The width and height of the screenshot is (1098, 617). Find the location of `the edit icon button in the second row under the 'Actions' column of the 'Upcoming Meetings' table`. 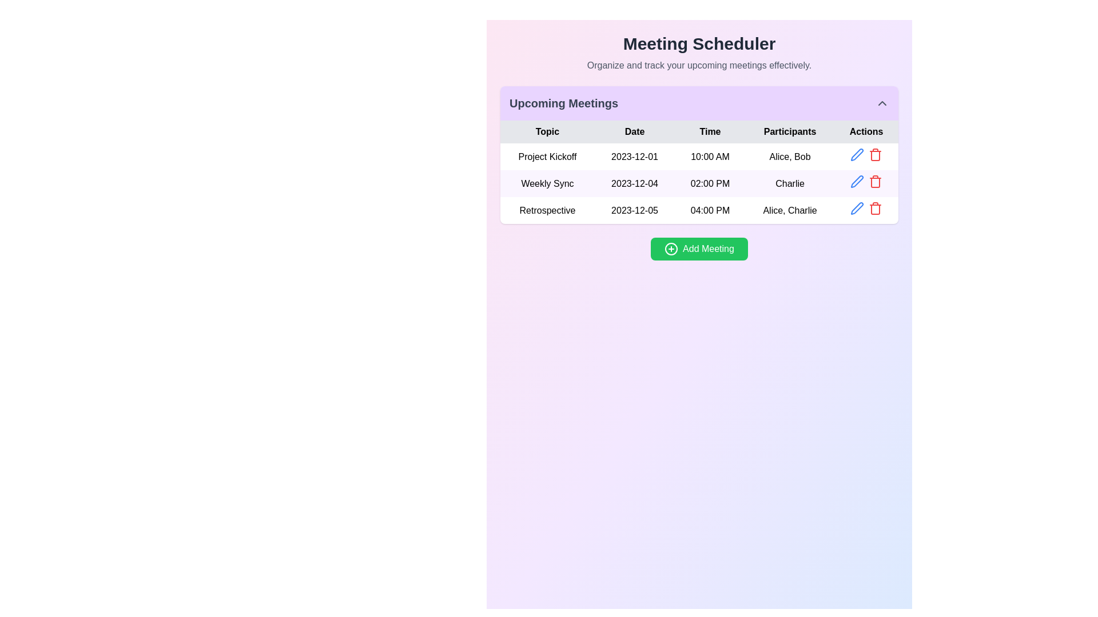

the edit icon button in the second row under the 'Actions' column of the 'Upcoming Meetings' table is located at coordinates (857, 181).